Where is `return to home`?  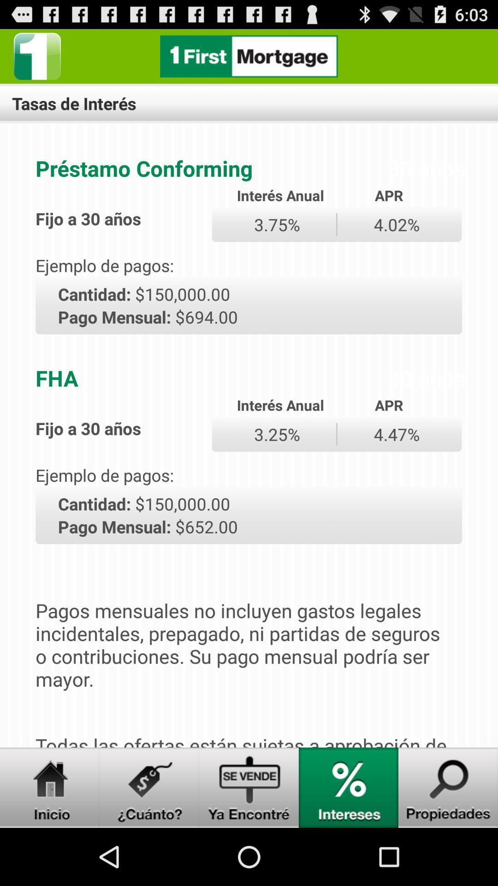 return to home is located at coordinates (249, 56).